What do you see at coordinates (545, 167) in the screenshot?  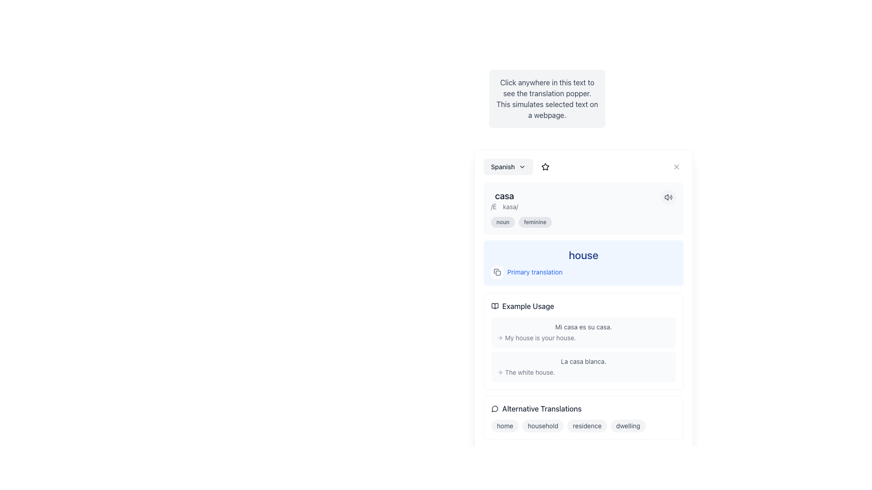 I see `the small outlined star icon located within the circular interactive button at the top-right area of the card-like overlay` at bounding box center [545, 167].